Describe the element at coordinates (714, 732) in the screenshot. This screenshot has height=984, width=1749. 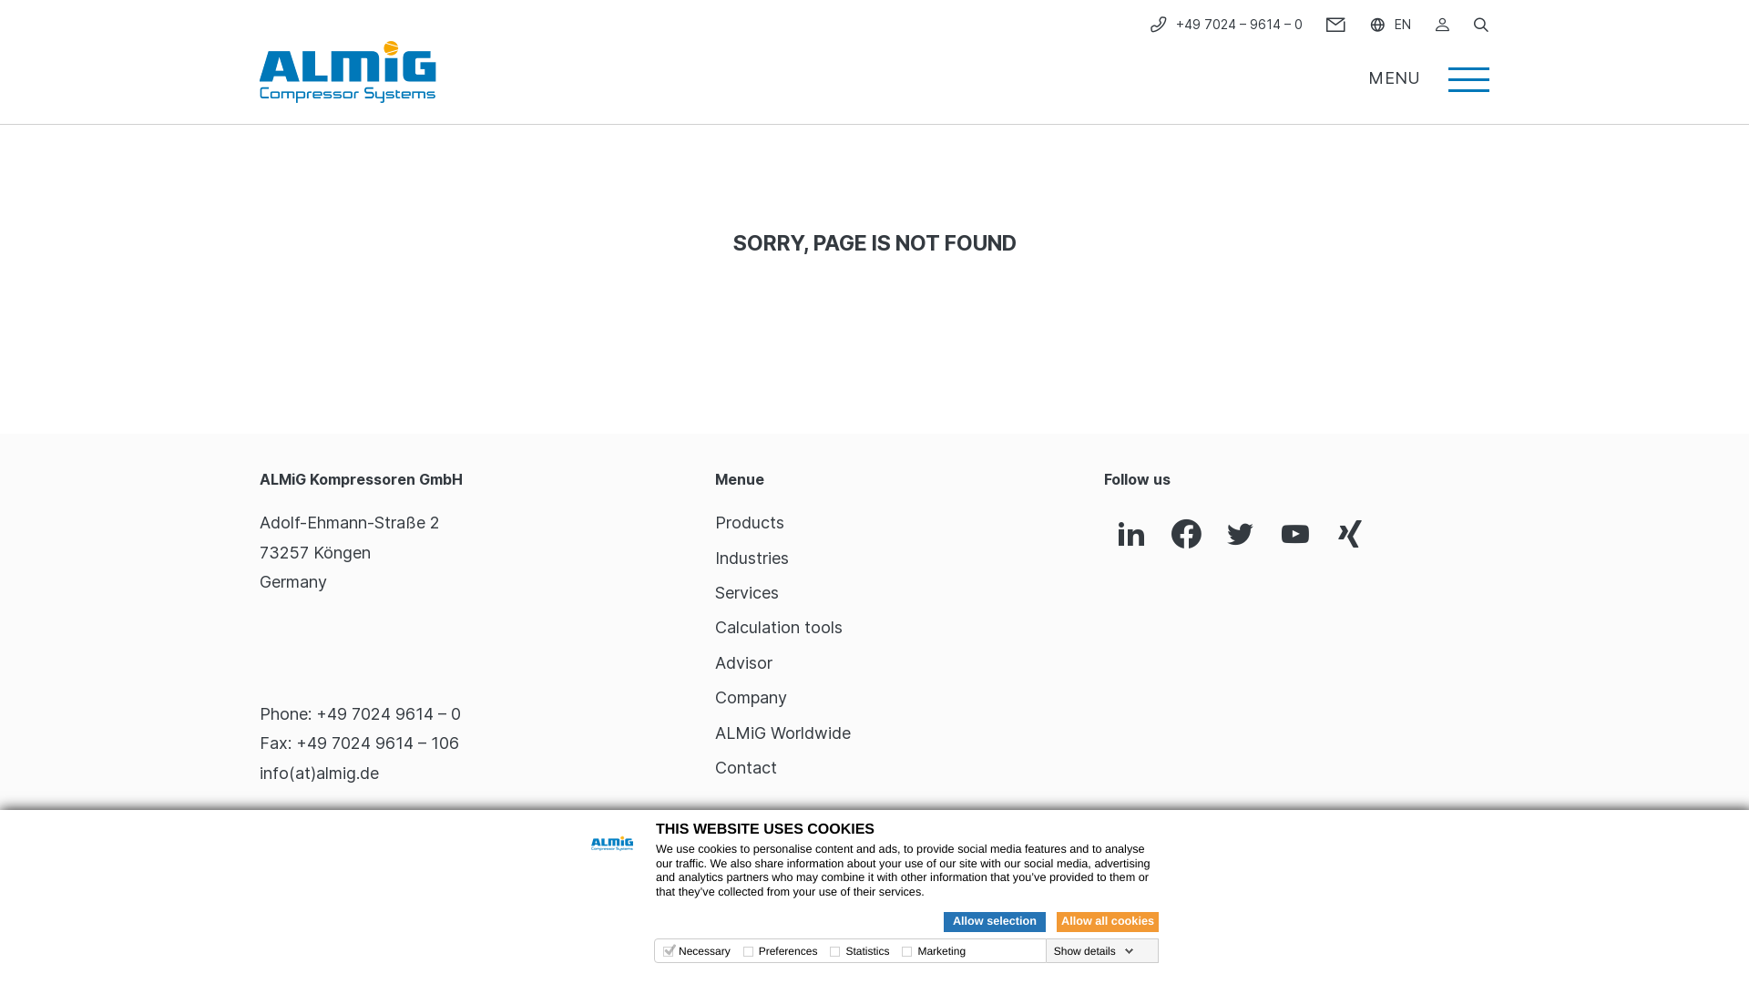
I see `'ALMiG Worldwide'` at that location.